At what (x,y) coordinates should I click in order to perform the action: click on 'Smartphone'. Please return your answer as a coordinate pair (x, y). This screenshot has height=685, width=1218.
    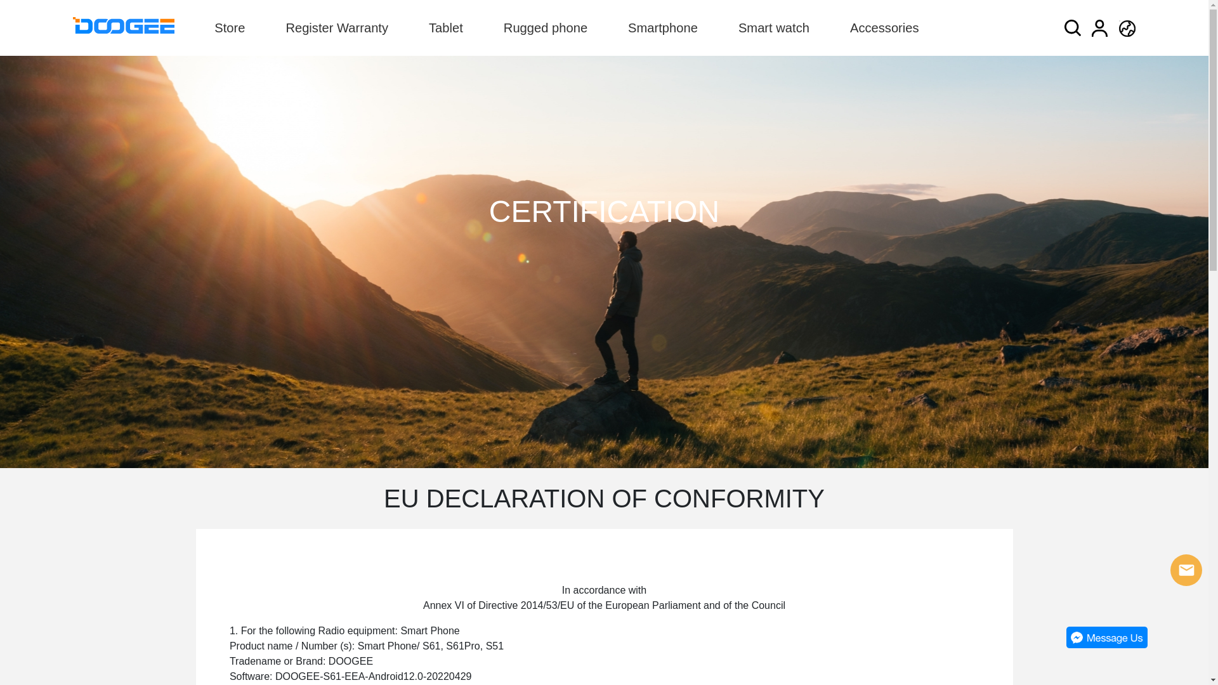
    Looking at the image, I should click on (662, 27).